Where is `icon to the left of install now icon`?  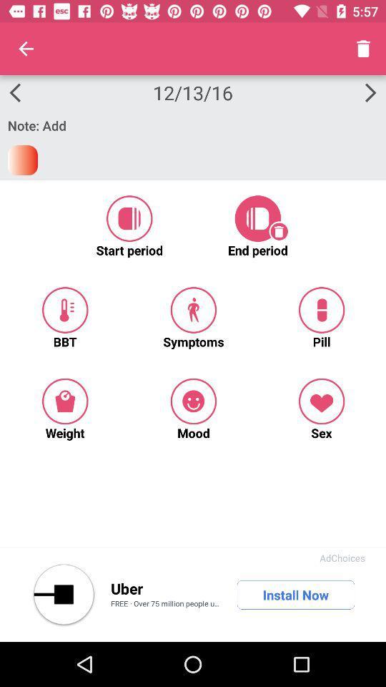 icon to the left of install now icon is located at coordinates (127, 588).